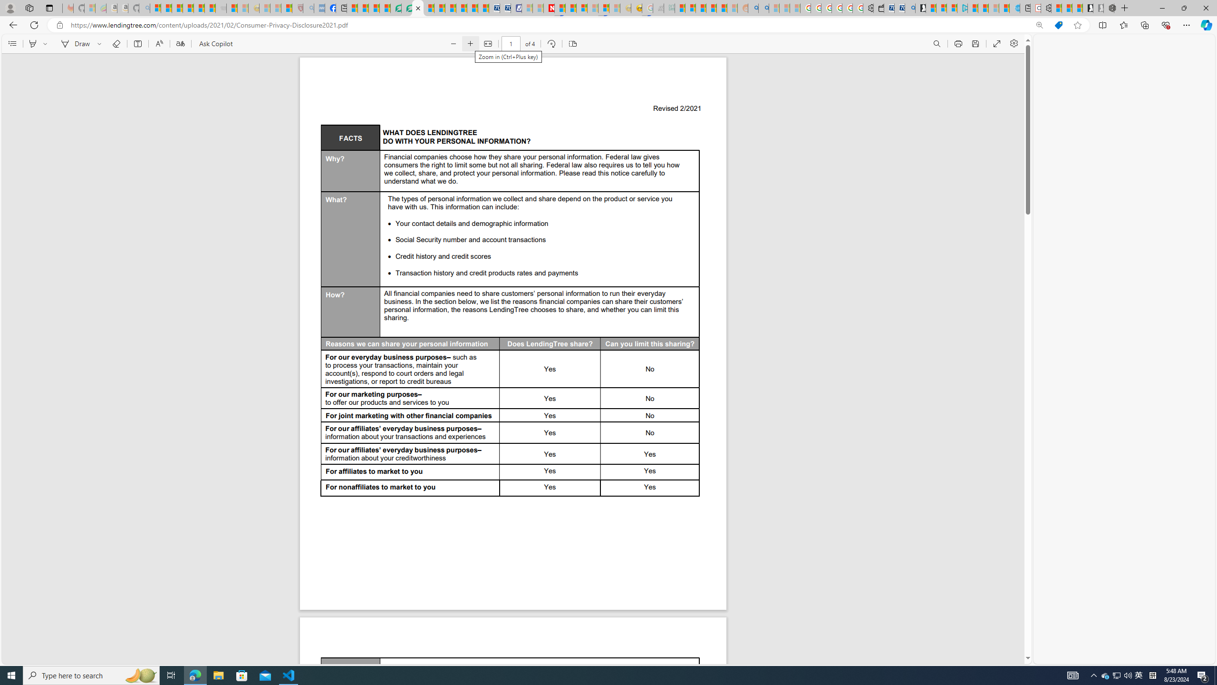 Image resolution: width=1217 pixels, height=685 pixels. What do you see at coordinates (215, 43) in the screenshot?
I see `'Ask Copilot'` at bounding box center [215, 43].